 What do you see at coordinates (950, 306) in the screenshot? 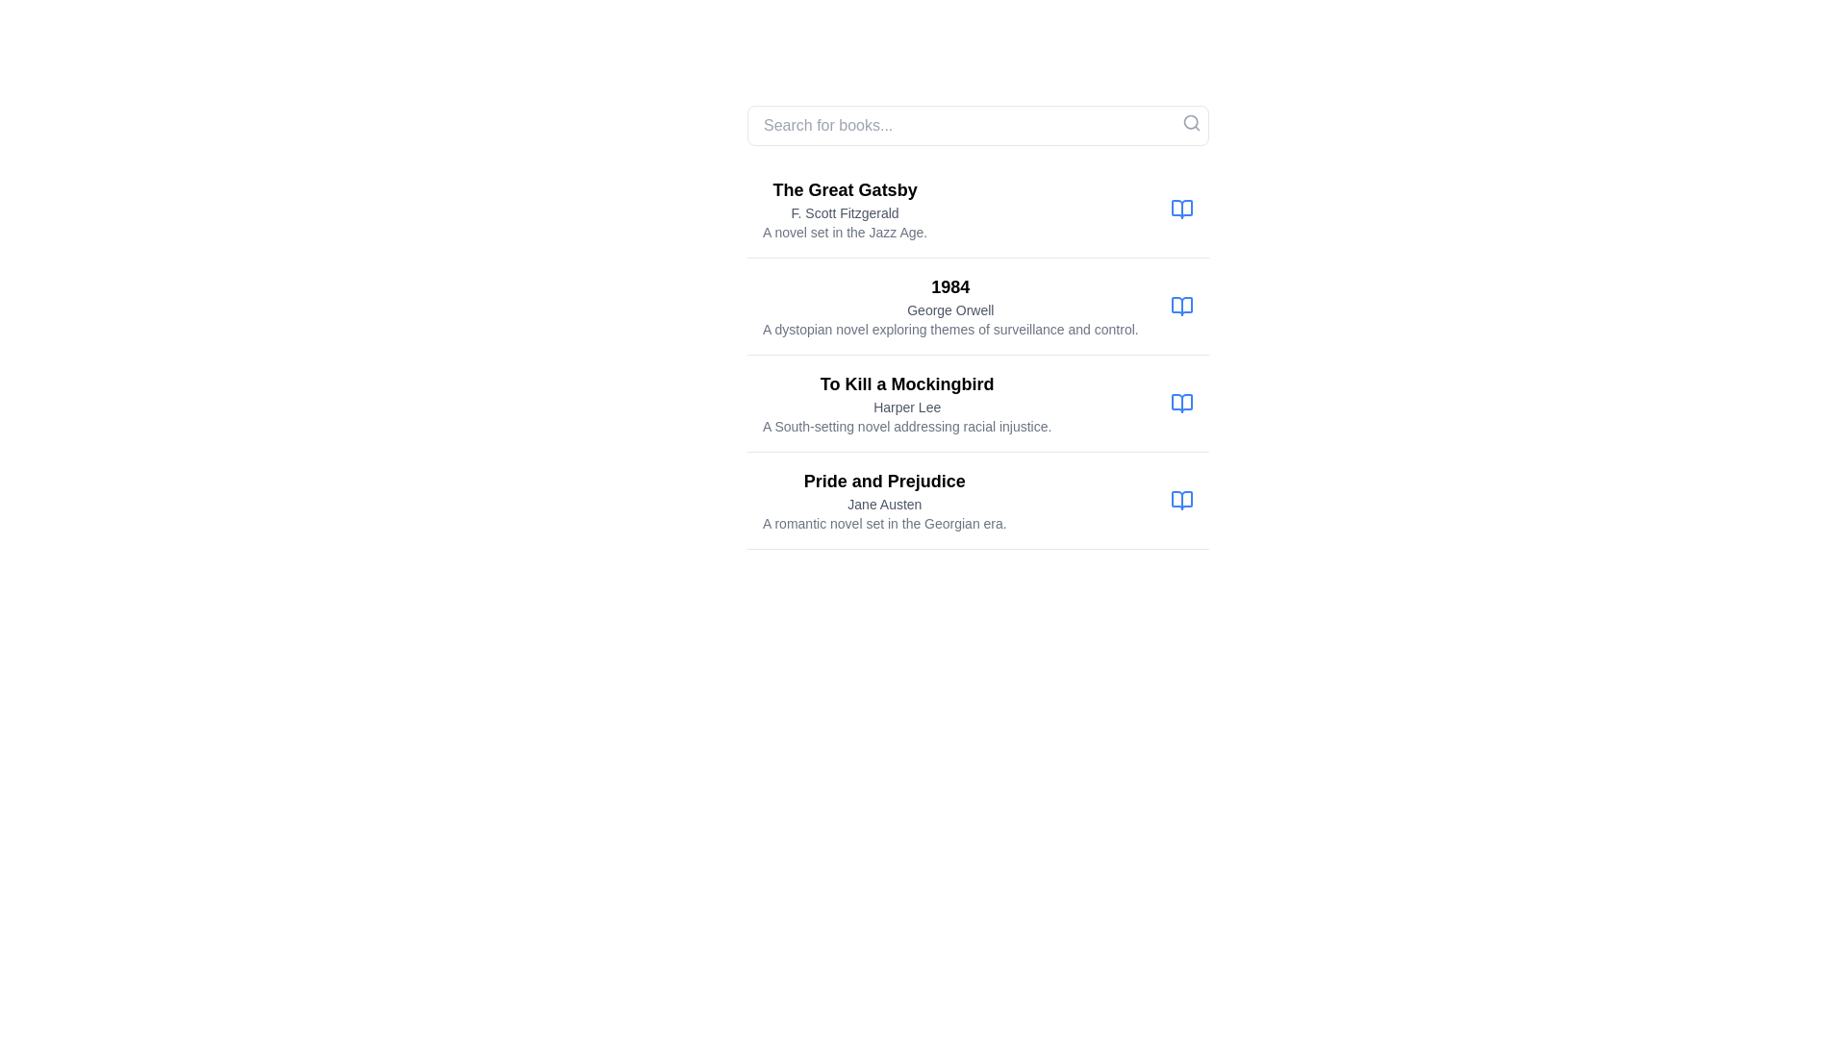
I see `the informational text block for the book '1984' by George Orwell` at bounding box center [950, 306].